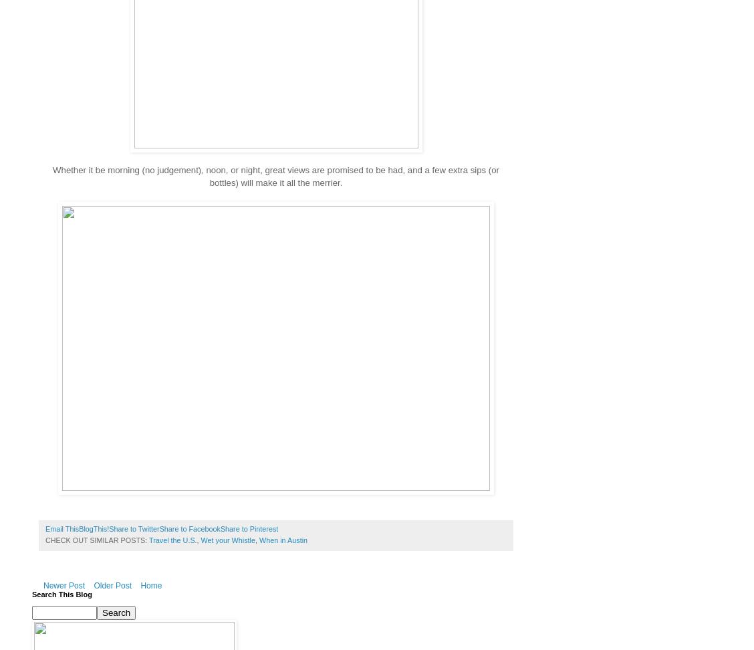 The width and height of the screenshot is (754, 650). I want to click on 'Older Post', so click(112, 584).